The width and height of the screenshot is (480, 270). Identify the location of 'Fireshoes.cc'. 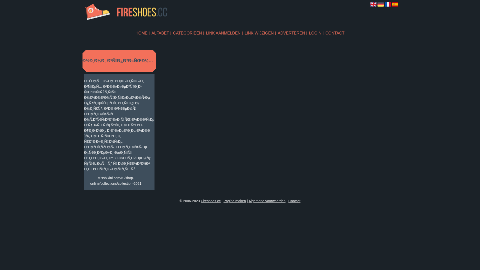
(210, 200).